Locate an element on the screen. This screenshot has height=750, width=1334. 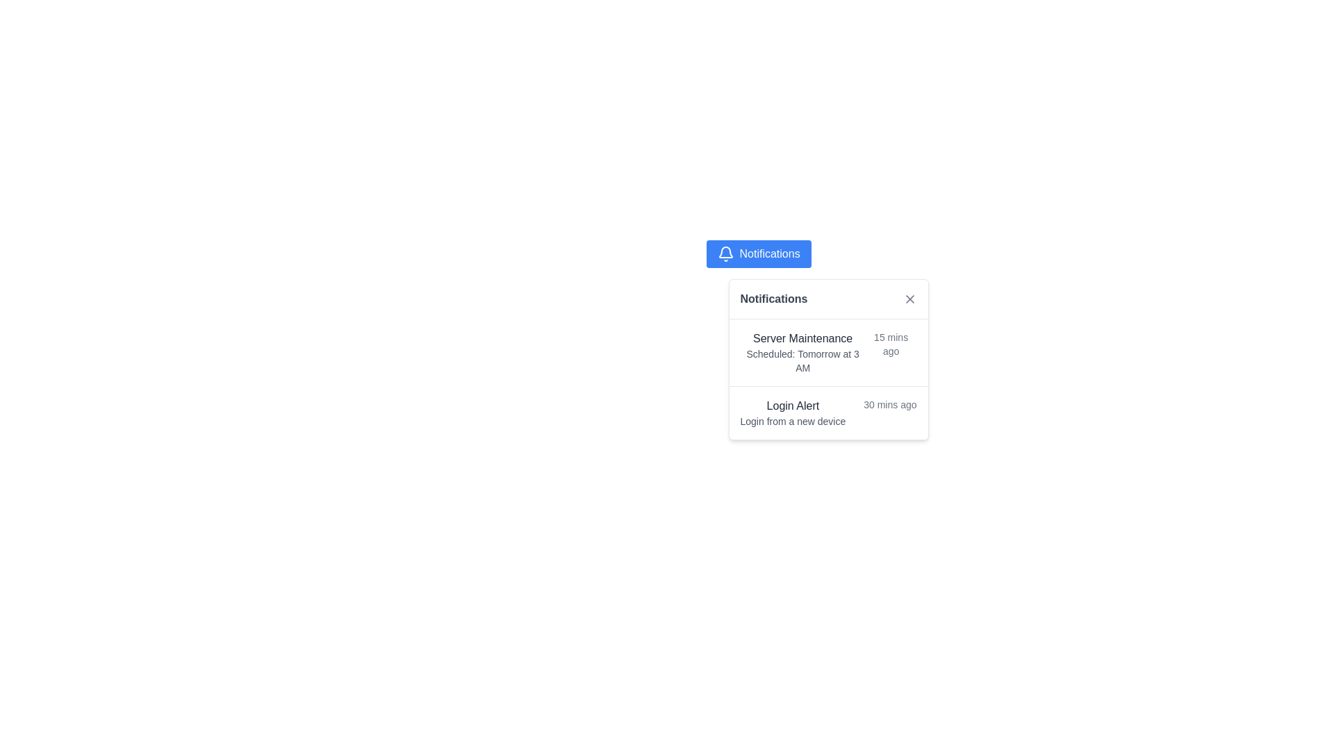
the static text element that reads 'Login from a new device', which is positioned below the 'Login Alert' heading in the notification dropdown is located at coordinates (793, 420).